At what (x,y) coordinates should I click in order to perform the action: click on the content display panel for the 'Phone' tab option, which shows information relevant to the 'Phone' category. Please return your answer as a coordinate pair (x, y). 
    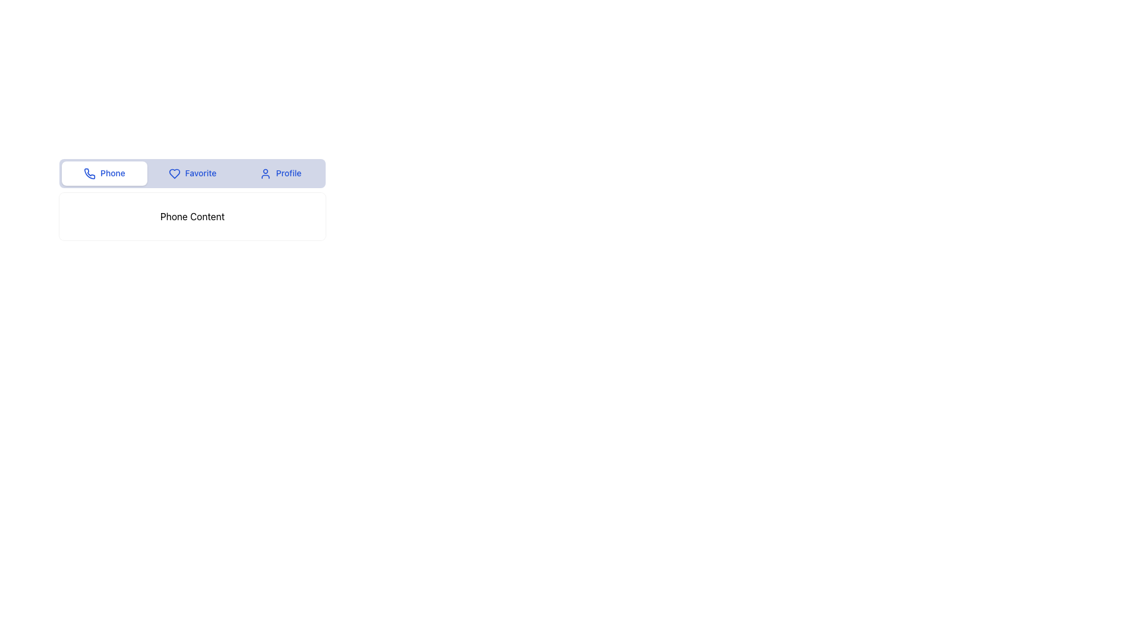
    Looking at the image, I should click on (193, 217).